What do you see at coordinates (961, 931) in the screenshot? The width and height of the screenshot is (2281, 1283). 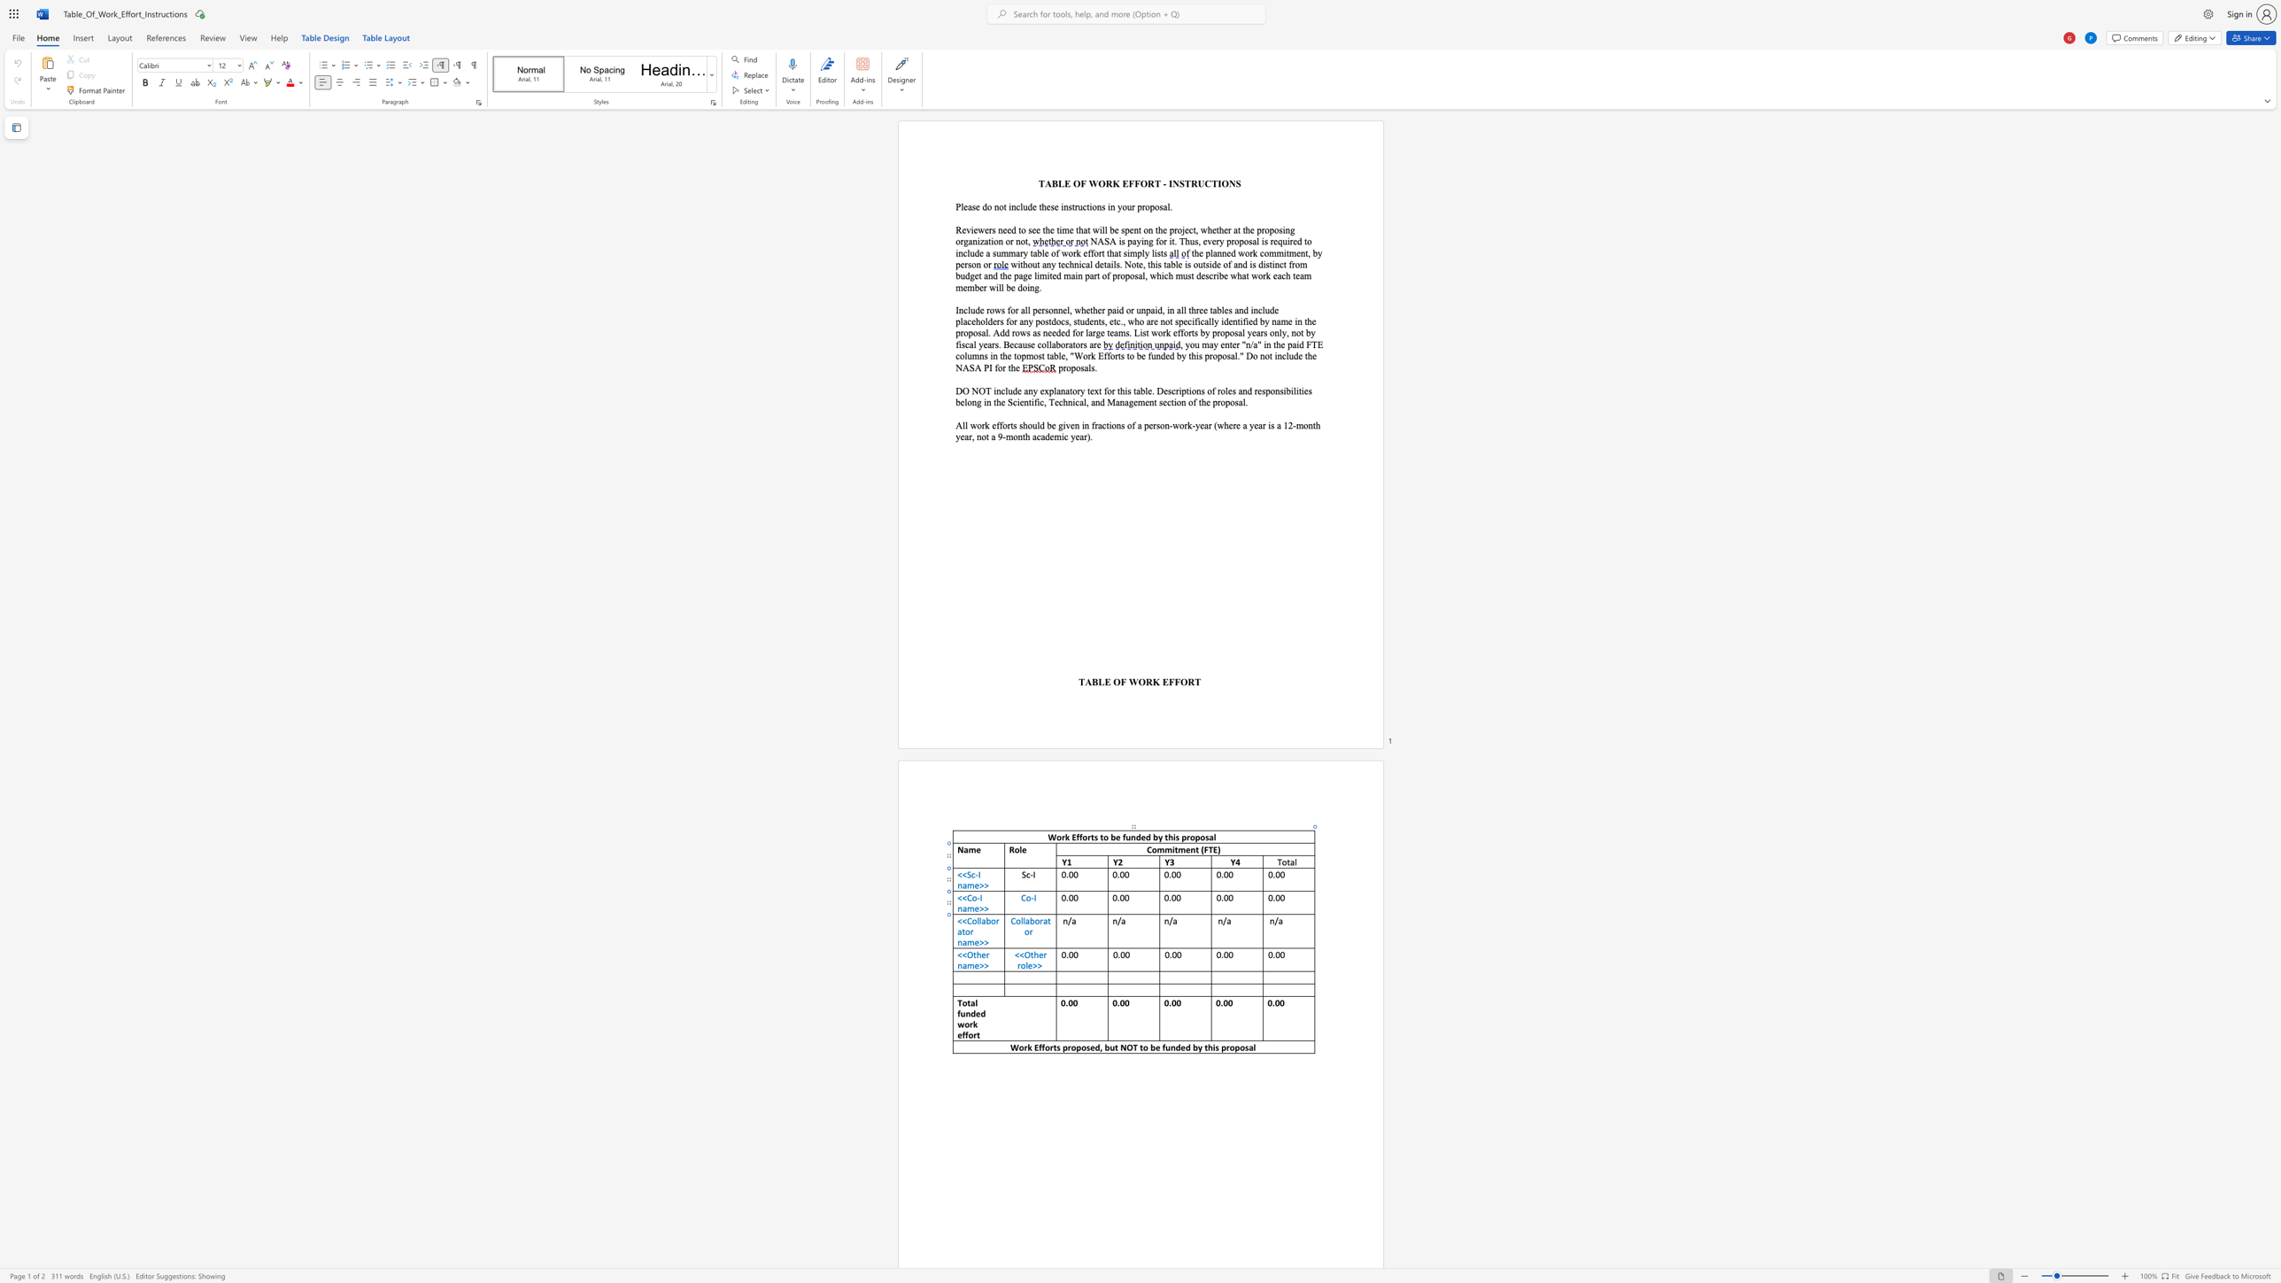 I see `the space between the continuous character "a" and "t" in the text` at bounding box center [961, 931].